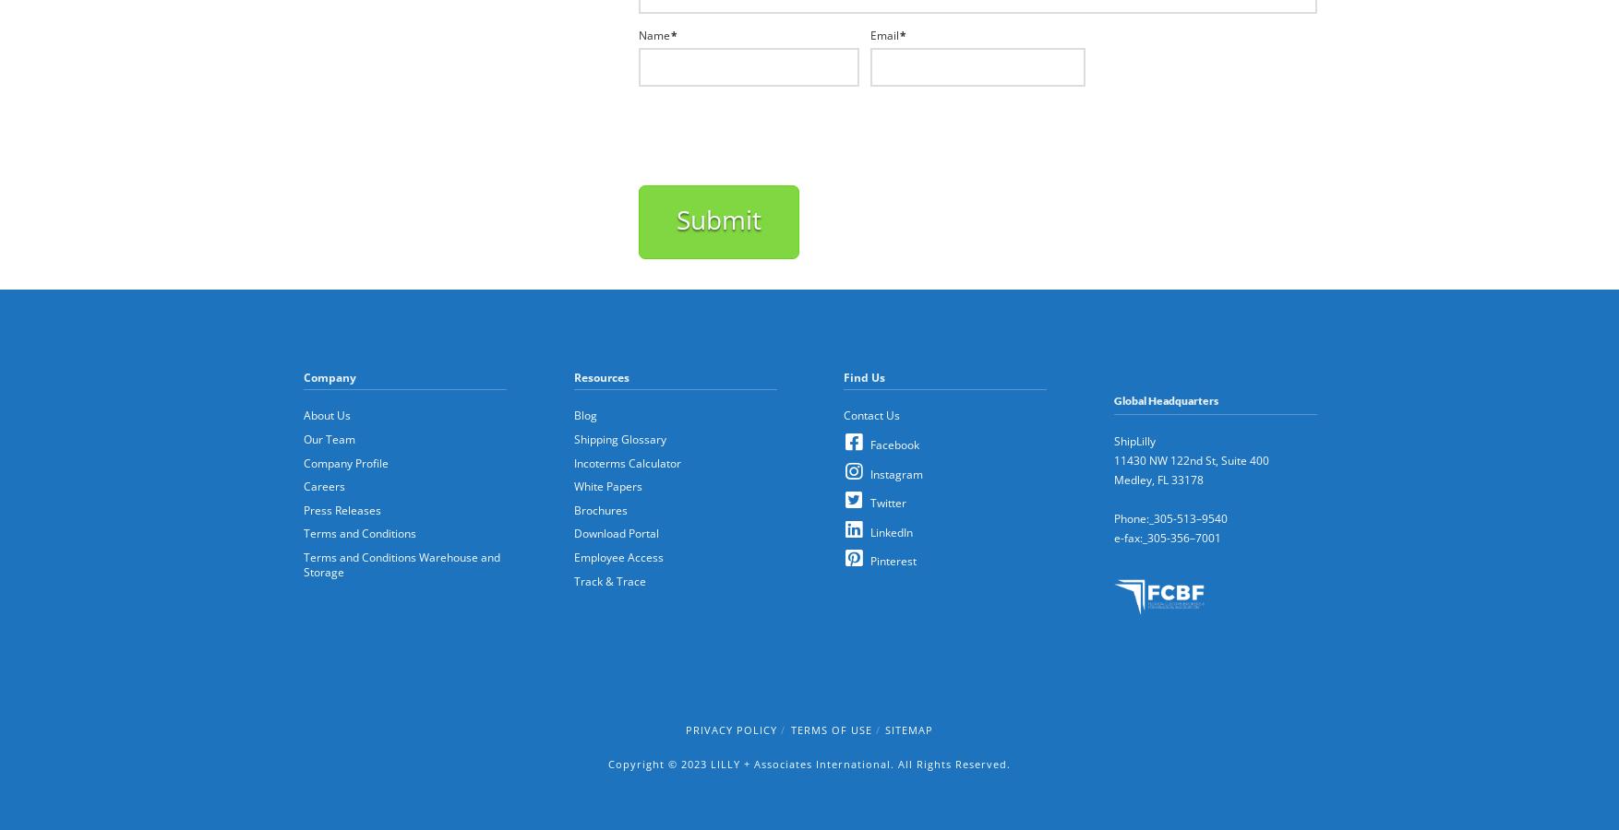  Describe the element at coordinates (330, 375) in the screenshot. I see `'Company'` at that location.